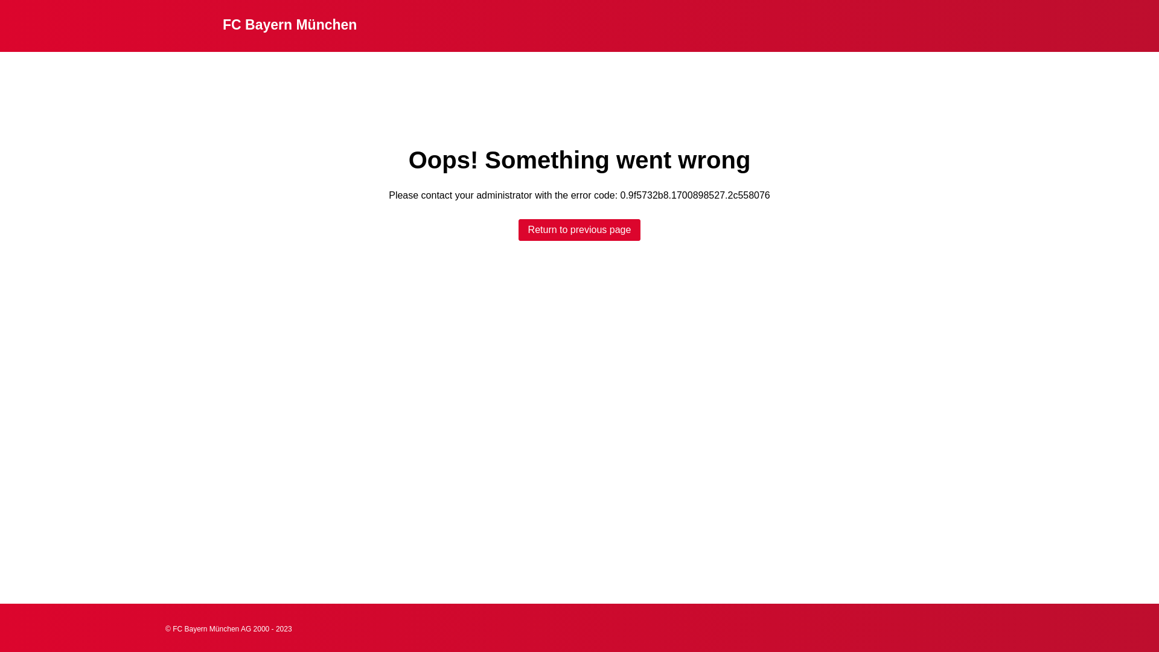 The height and width of the screenshot is (652, 1159). Describe the element at coordinates (519, 230) in the screenshot. I see `'Return to previous page'` at that location.